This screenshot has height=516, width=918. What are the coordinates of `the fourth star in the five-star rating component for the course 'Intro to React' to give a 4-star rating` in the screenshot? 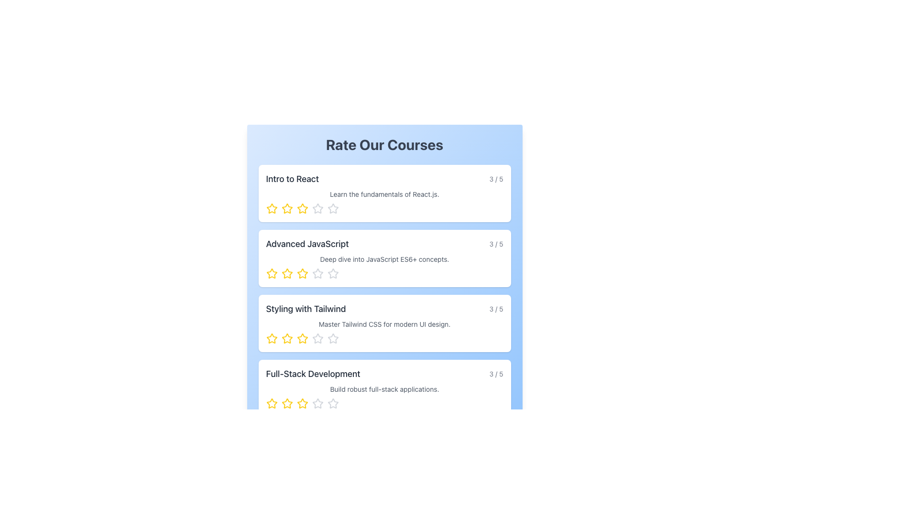 It's located at (317, 208).